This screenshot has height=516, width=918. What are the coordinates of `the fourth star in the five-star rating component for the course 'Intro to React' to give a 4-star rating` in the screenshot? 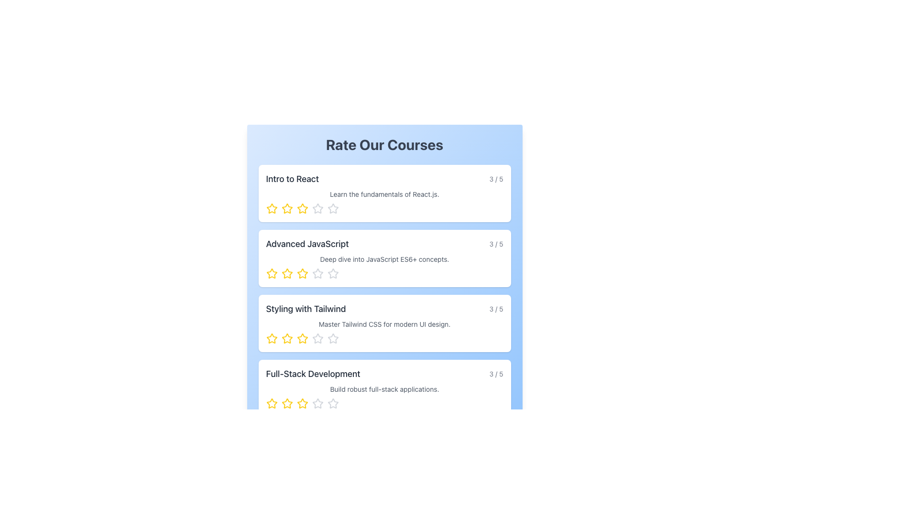 It's located at (317, 208).